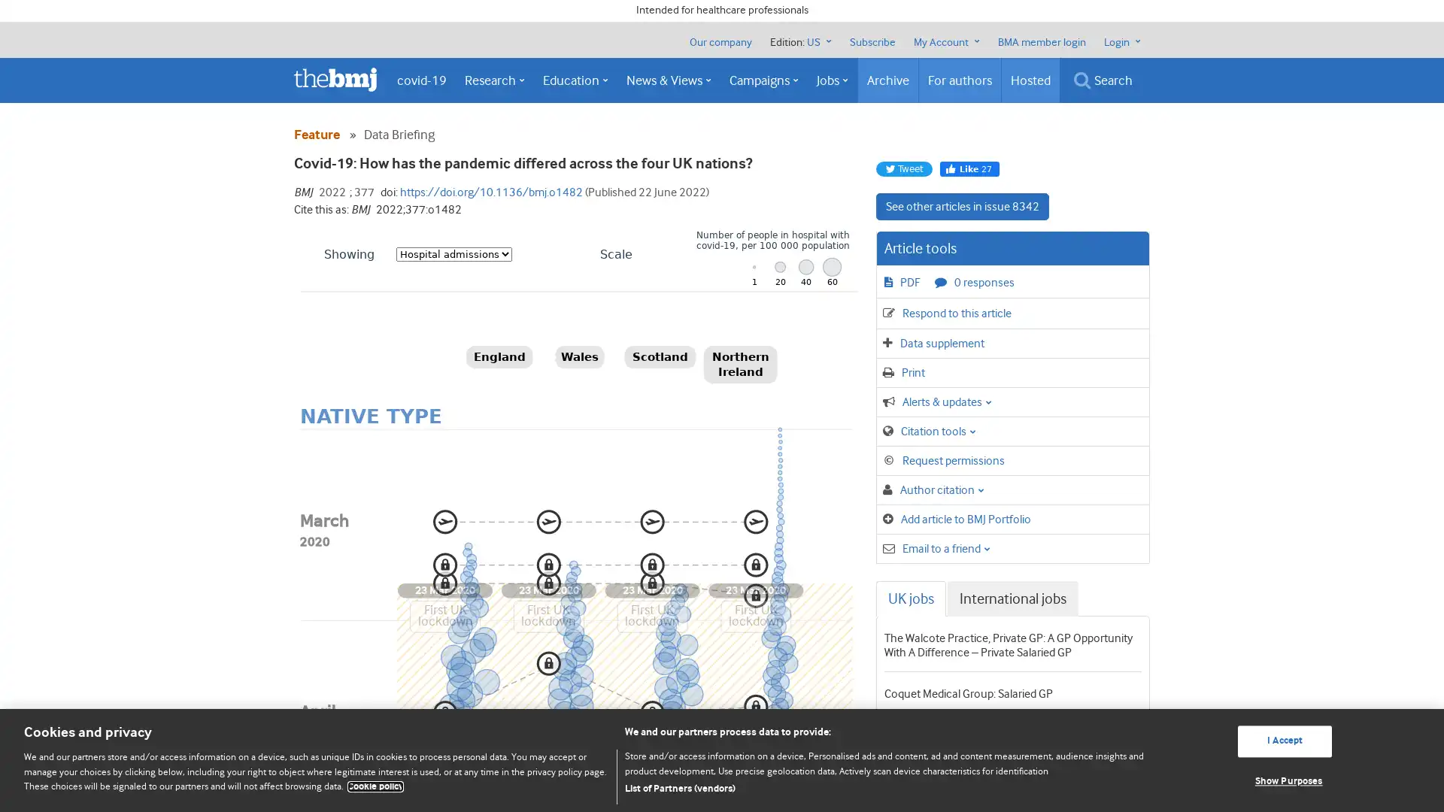  I want to click on Email to a friend, so click(945, 548).